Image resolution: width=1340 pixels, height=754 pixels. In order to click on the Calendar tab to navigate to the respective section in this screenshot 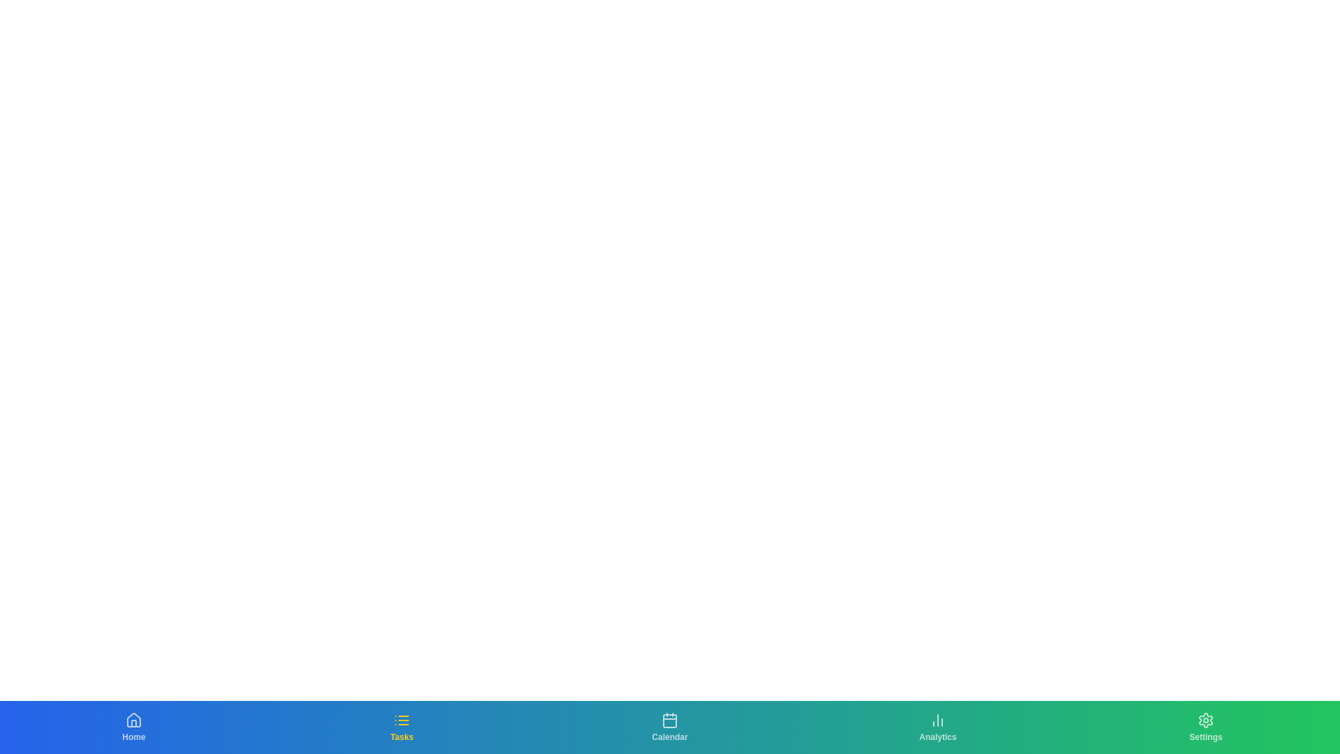, I will do `click(670, 726)`.